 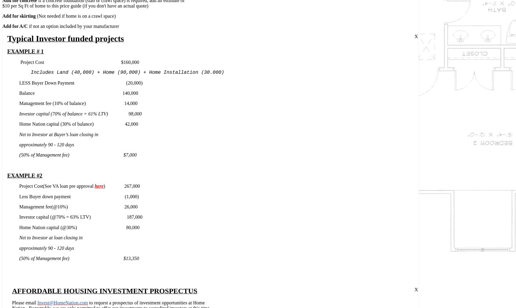 I want to click on 'Project Cost', so click(x=32, y=61).